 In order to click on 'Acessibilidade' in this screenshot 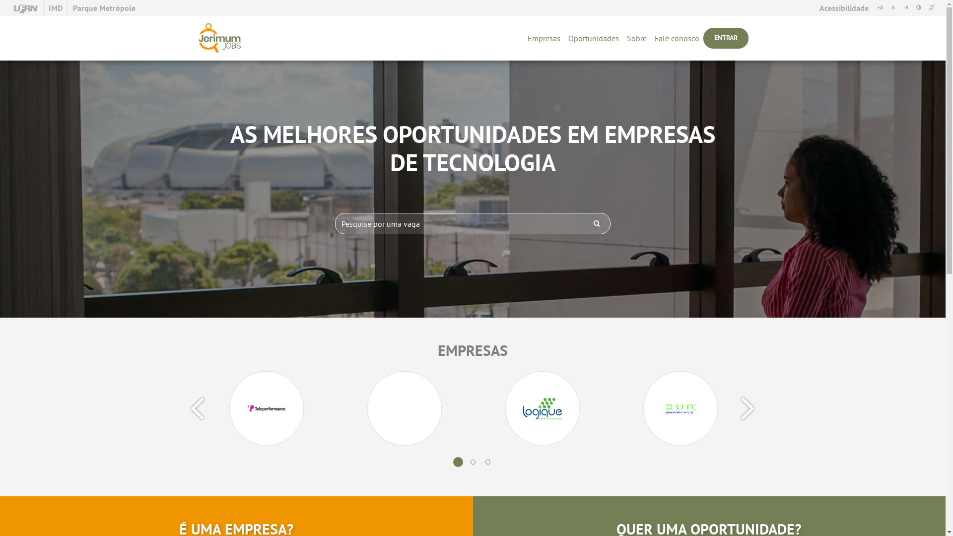, I will do `click(843, 7)`.